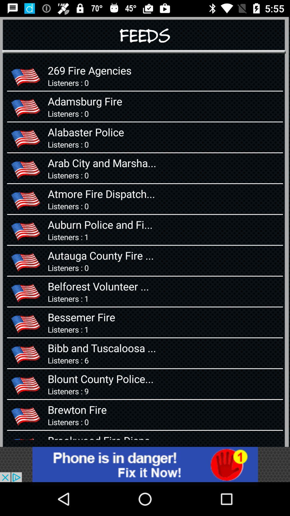 Image resolution: width=290 pixels, height=516 pixels. Describe the element at coordinates (145, 464) in the screenshot. I see `advertisements displaying` at that location.